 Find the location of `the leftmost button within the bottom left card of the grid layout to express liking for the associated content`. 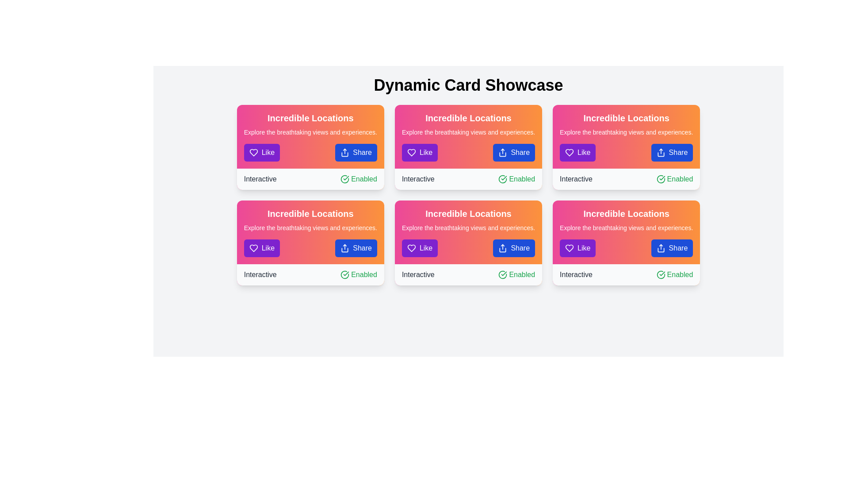

the leftmost button within the bottom left card of the grid layout to express liking for the associated content is located at coordinates (261, 248).